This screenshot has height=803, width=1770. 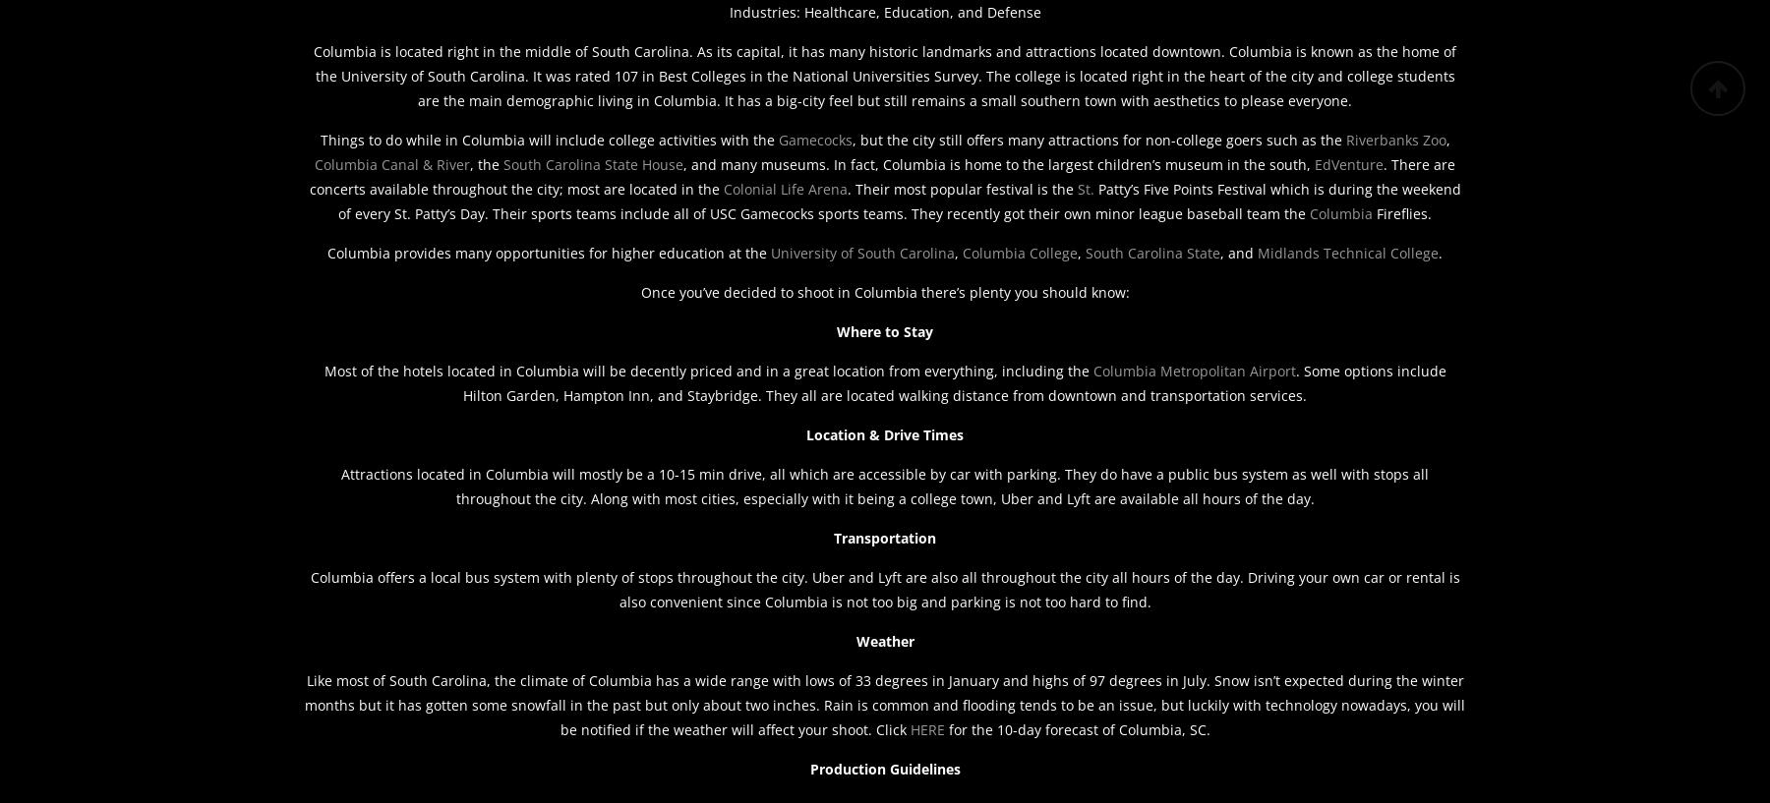 I want to click on 'Location & Drive Times', so click(x=885, y=434).